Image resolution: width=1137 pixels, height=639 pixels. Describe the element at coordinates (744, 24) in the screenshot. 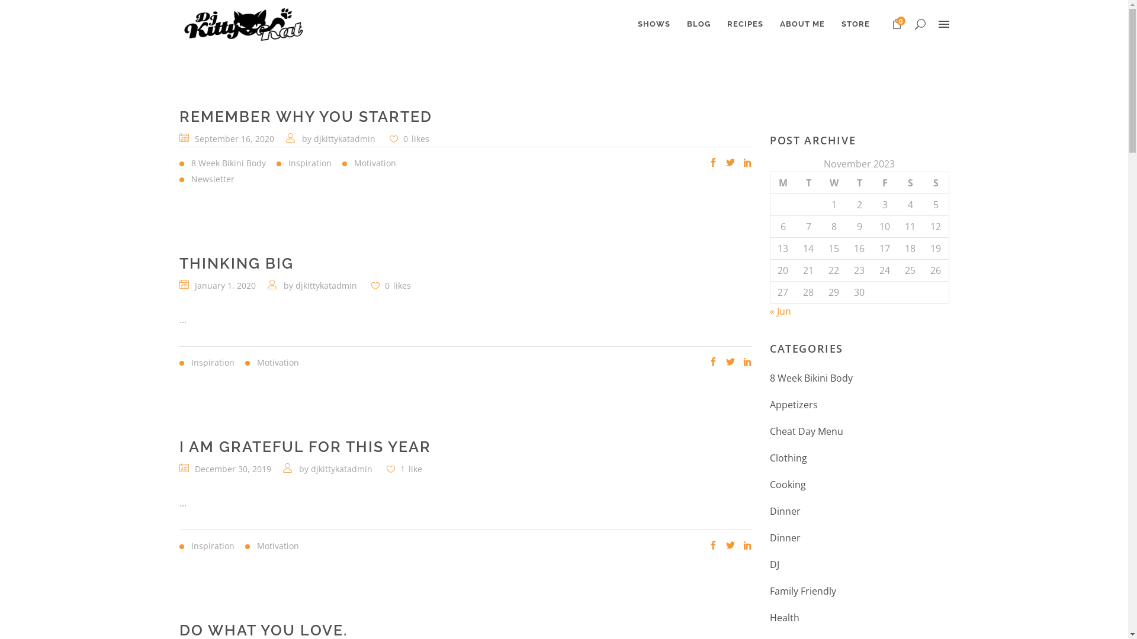

I see `'RECIPES'` at that location.